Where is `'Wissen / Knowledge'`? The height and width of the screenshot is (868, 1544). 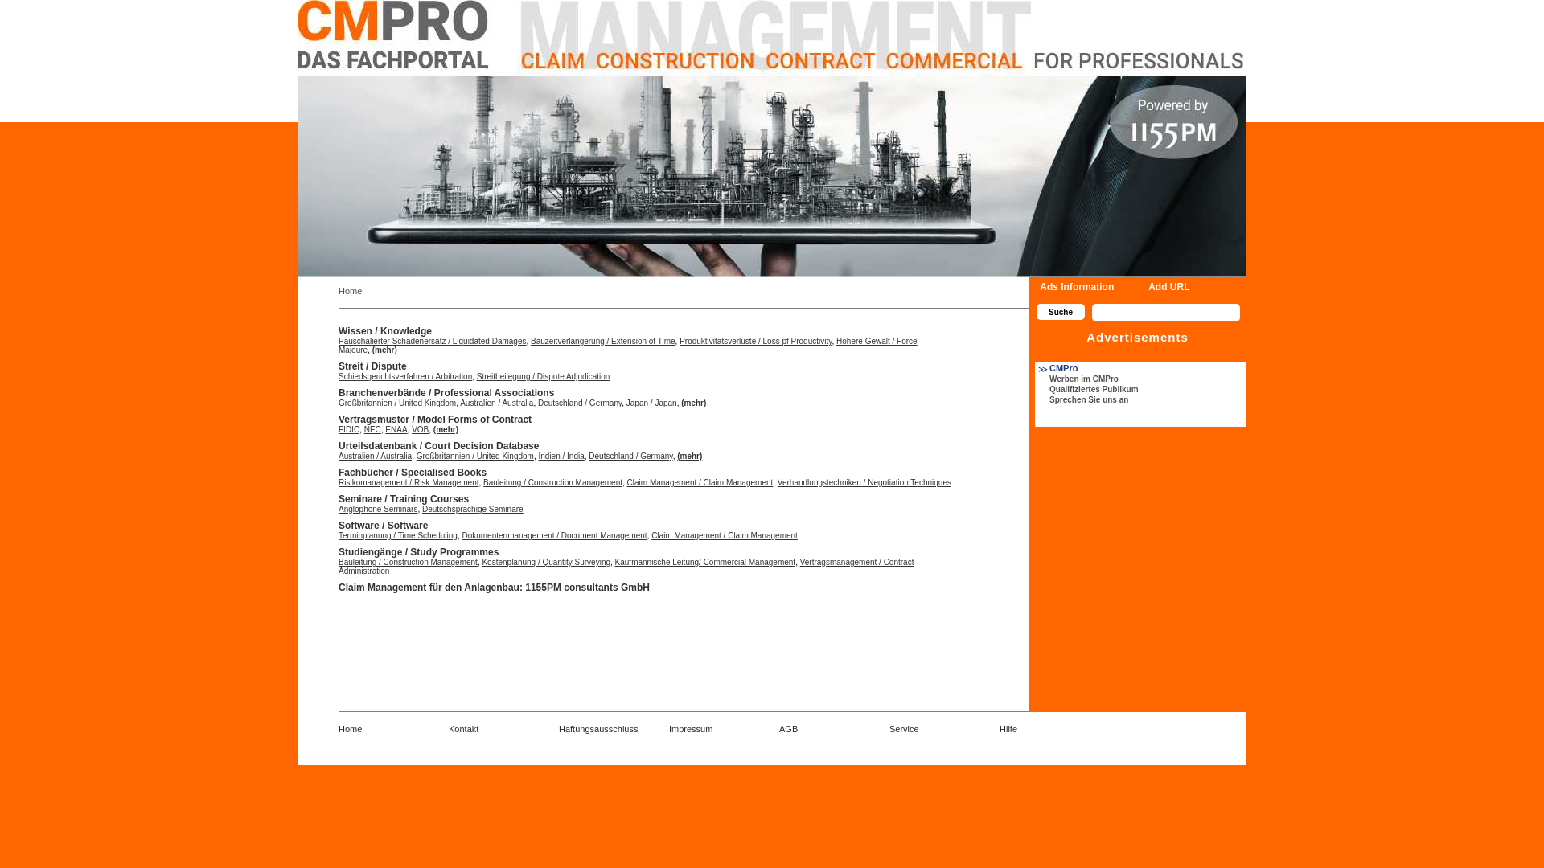
'Wissen / Knowledge' is located at coordinates (384, 330).